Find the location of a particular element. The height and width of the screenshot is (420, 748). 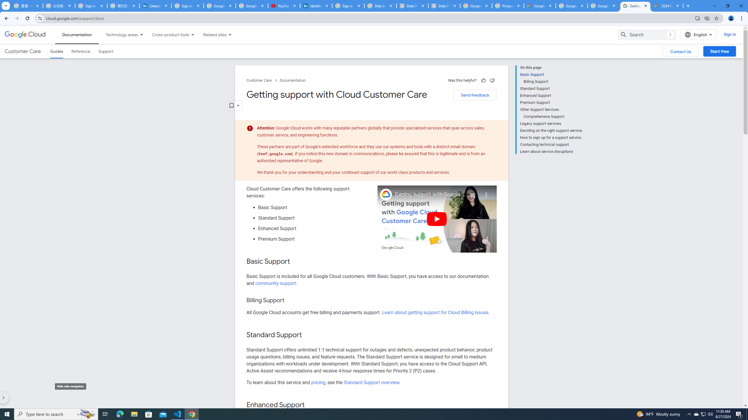

'Photo image of Google Cloud Tech' is located at coordinates (386, 194).